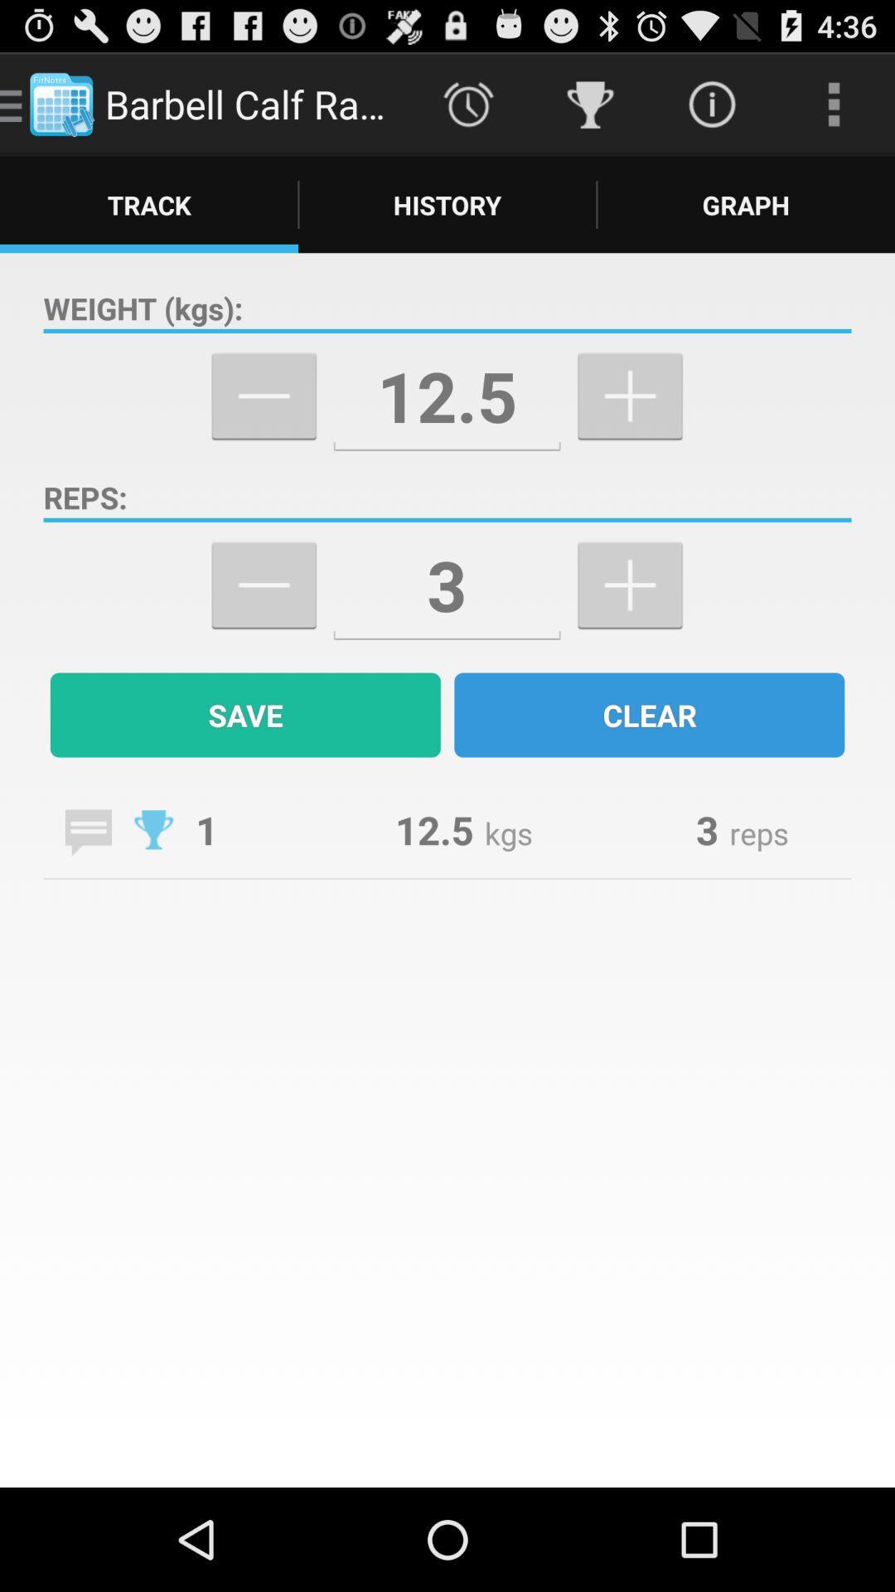 Image resolution: width=895 pixels, height=1592 pixels. I want to click on open chat, so click(88, 832).